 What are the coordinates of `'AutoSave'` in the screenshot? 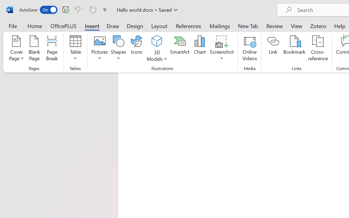 It's located at (38, 10).